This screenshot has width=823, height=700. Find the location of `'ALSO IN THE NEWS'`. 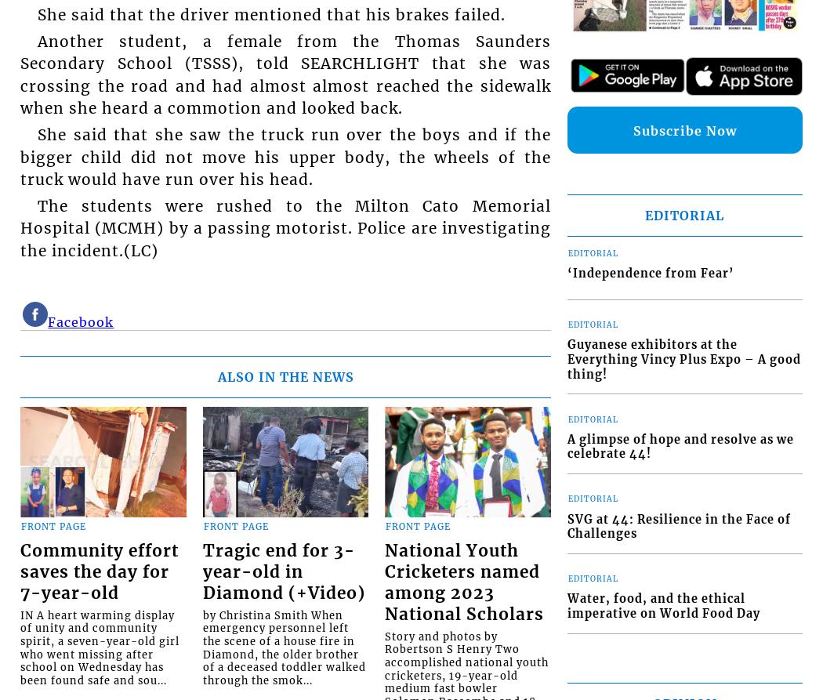

'ALSO IN THE NEWS' is located at coordinates (285, 375).